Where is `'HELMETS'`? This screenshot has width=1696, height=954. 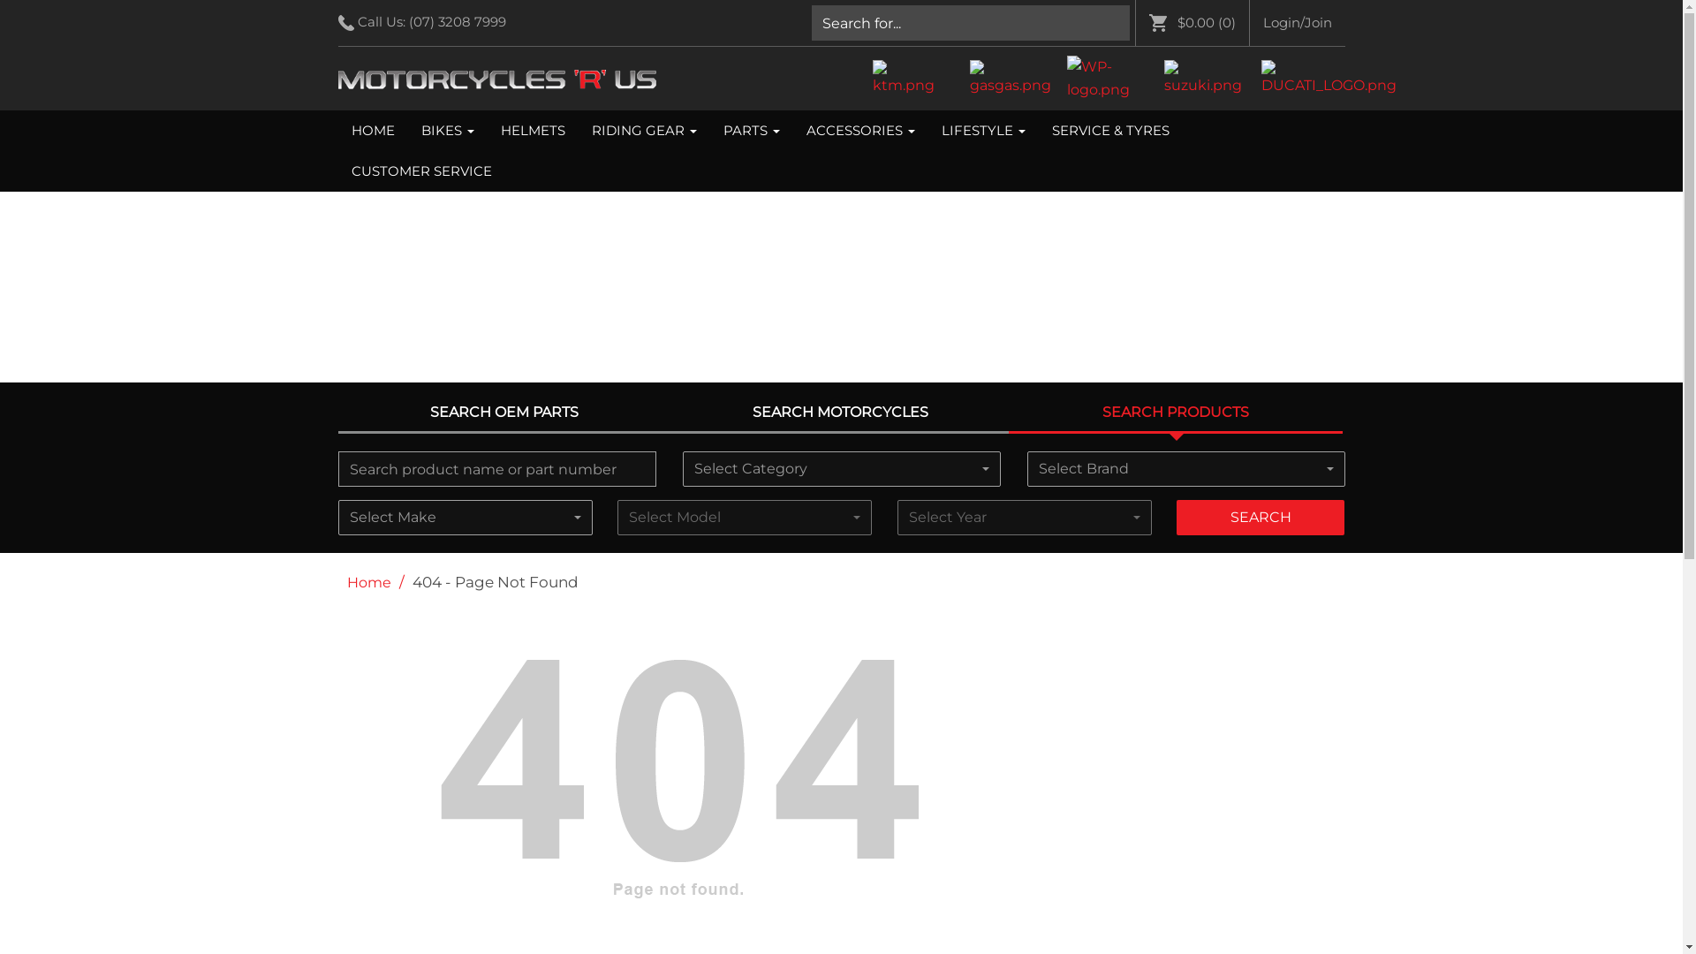 'HELMETS' is located at coordinates (532, 129).